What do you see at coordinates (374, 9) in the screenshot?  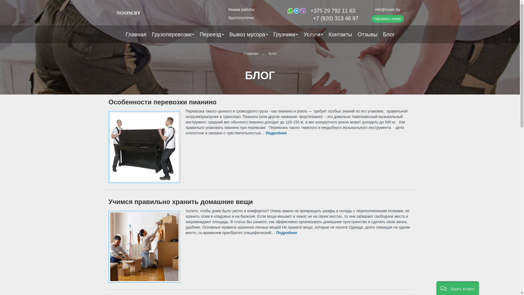 I see `'info@nosim.by'` at bounding box center [374, 9].